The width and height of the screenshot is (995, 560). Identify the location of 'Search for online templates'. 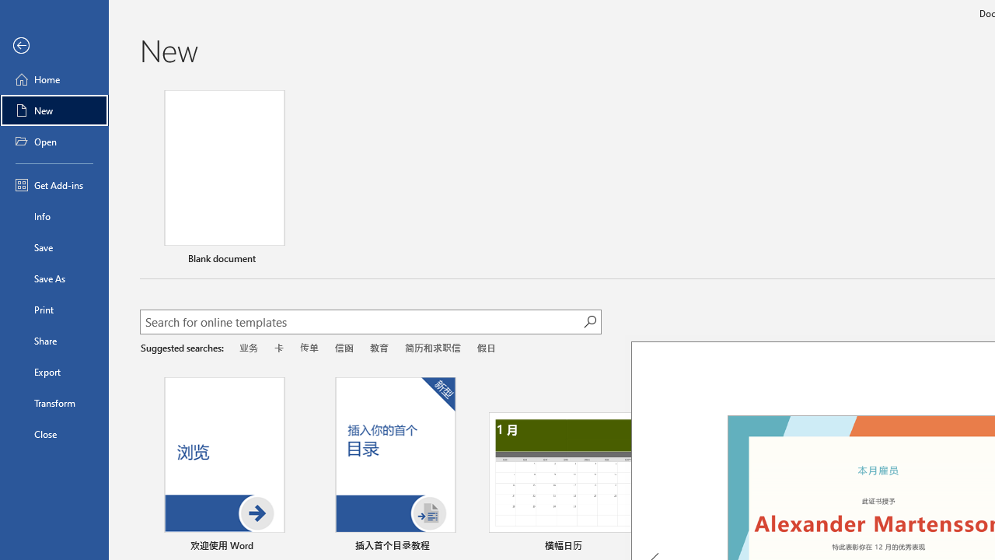
(361, 323).